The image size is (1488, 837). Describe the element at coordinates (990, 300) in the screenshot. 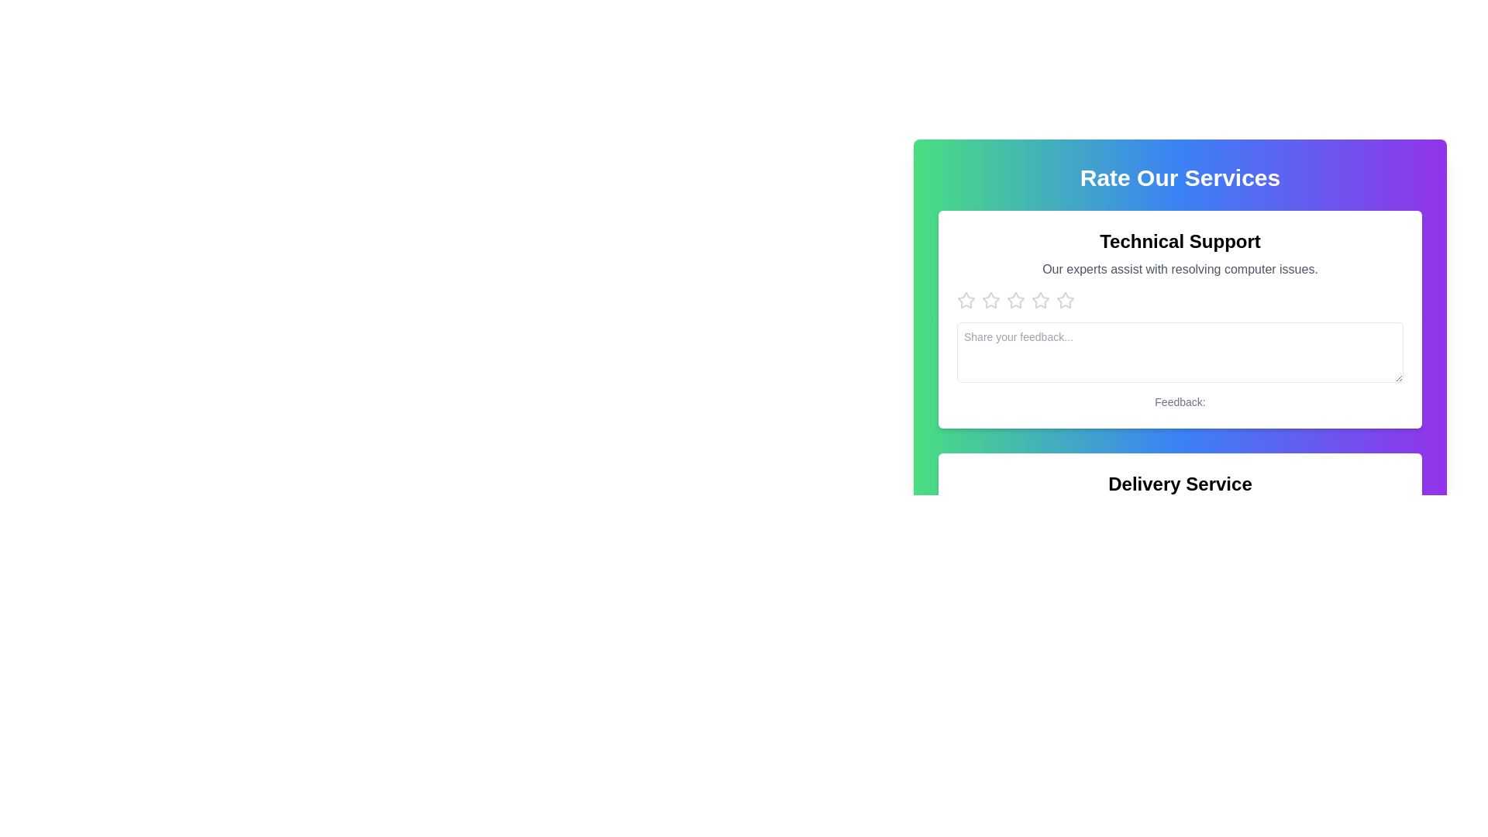

I see `the second star icon in the 'Rate Our Services' panel under 'Technical Support' for keyboard navigation` at that location.